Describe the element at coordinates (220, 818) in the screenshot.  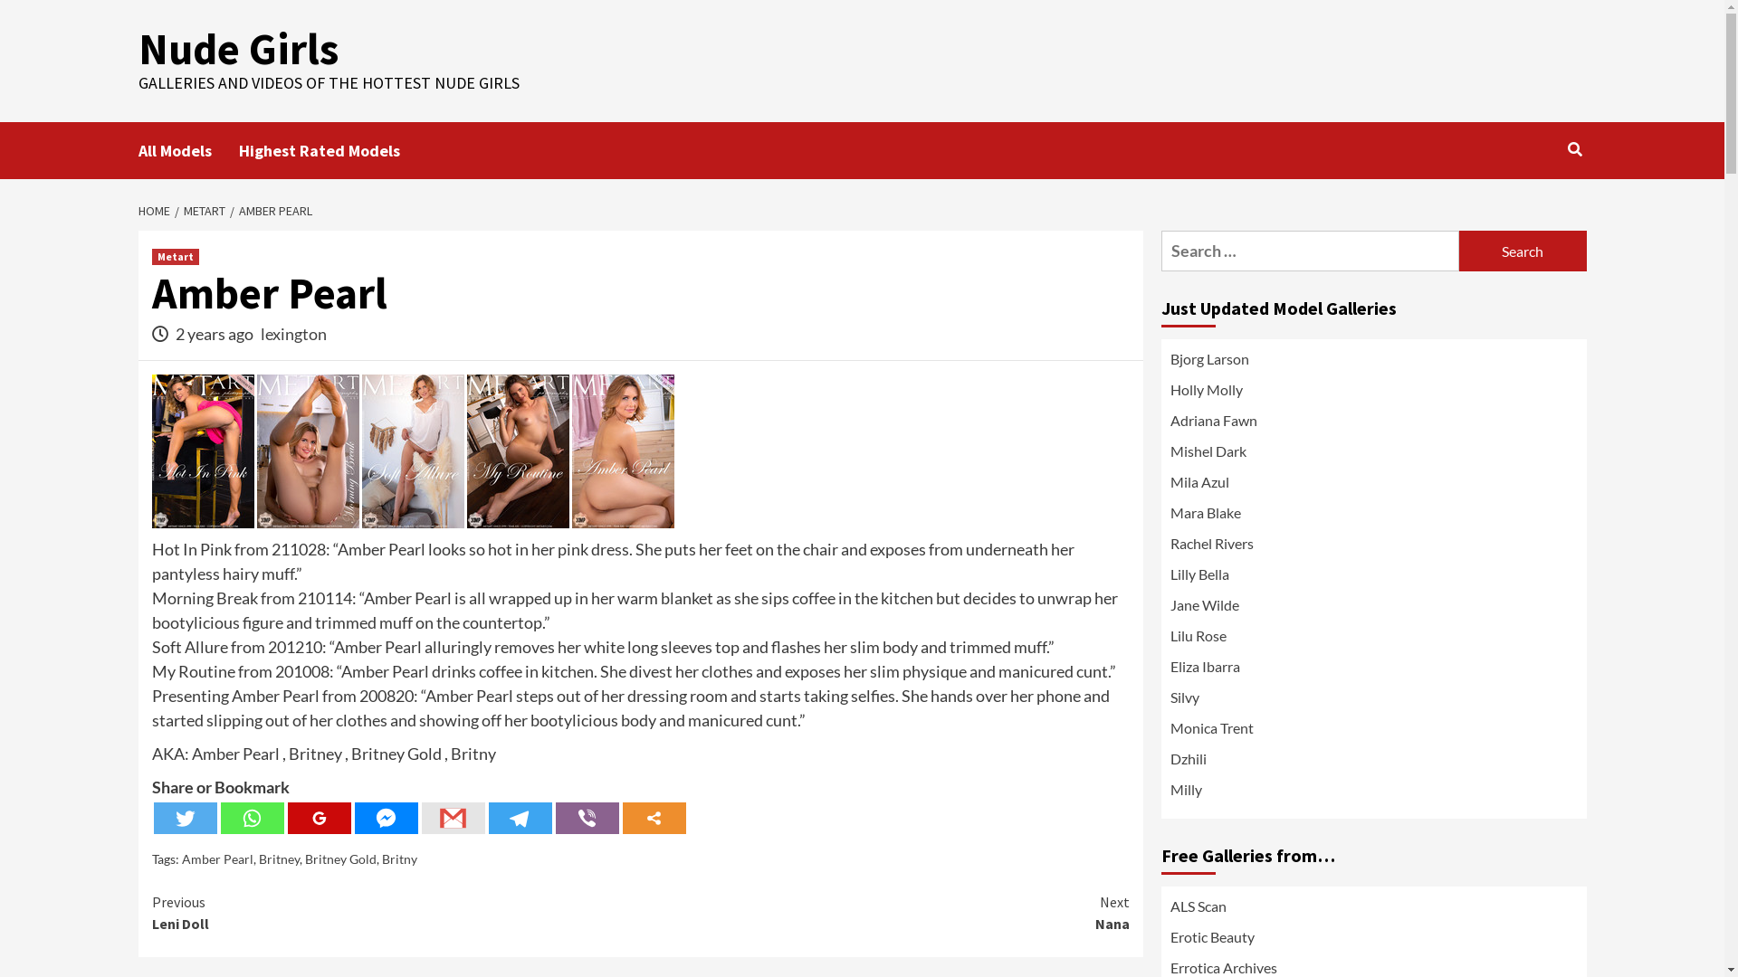
I see `'Whatsapp'` at that location.